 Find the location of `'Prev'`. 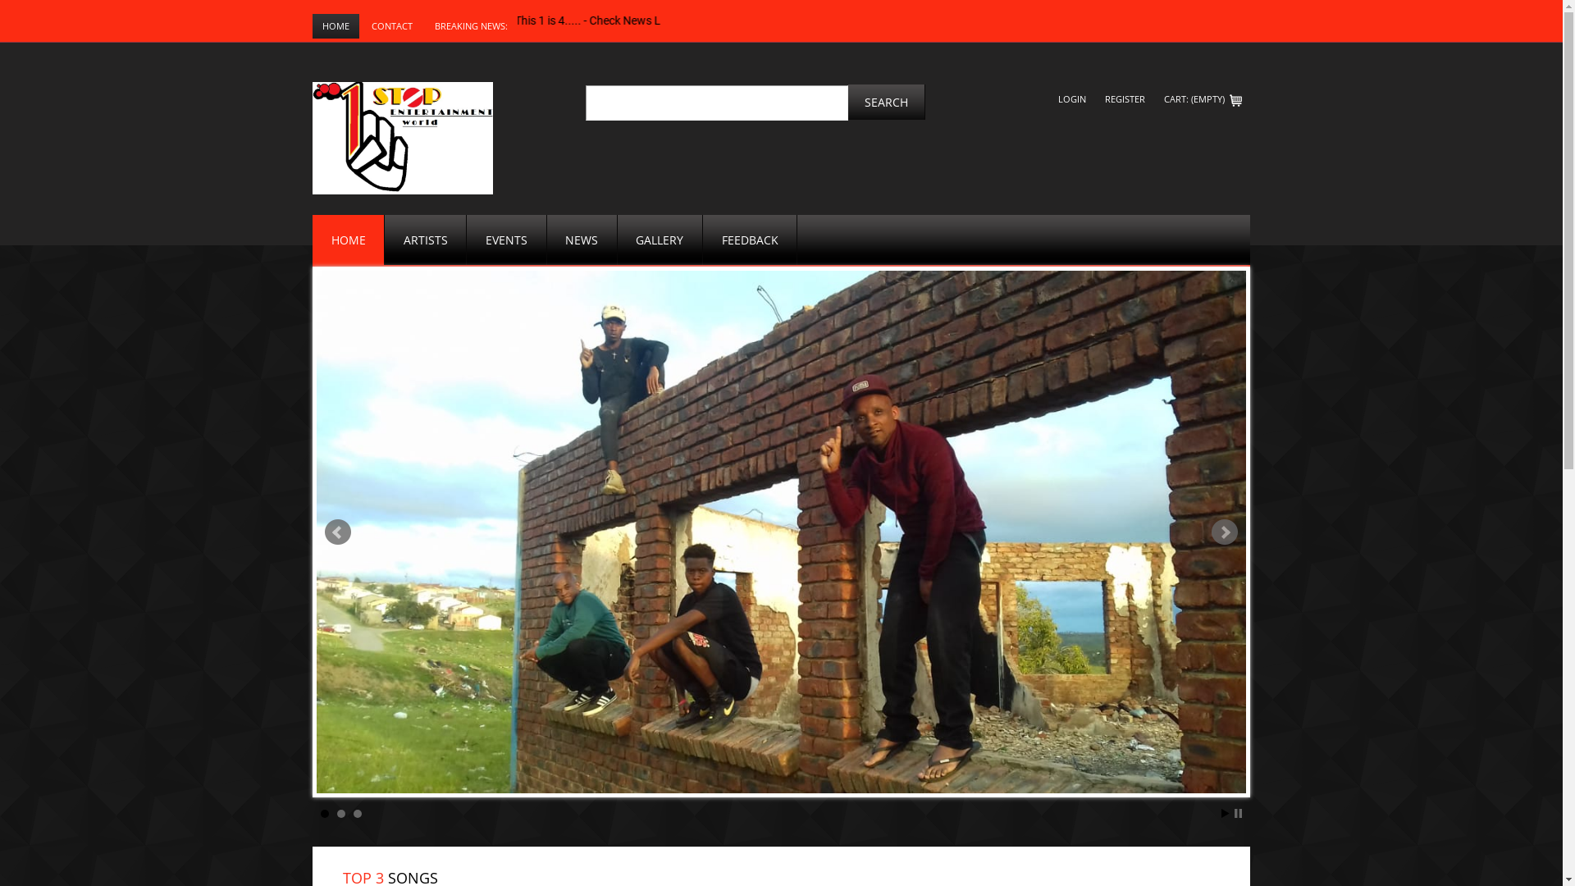

'Prev' is located at coordinates (337, 532).